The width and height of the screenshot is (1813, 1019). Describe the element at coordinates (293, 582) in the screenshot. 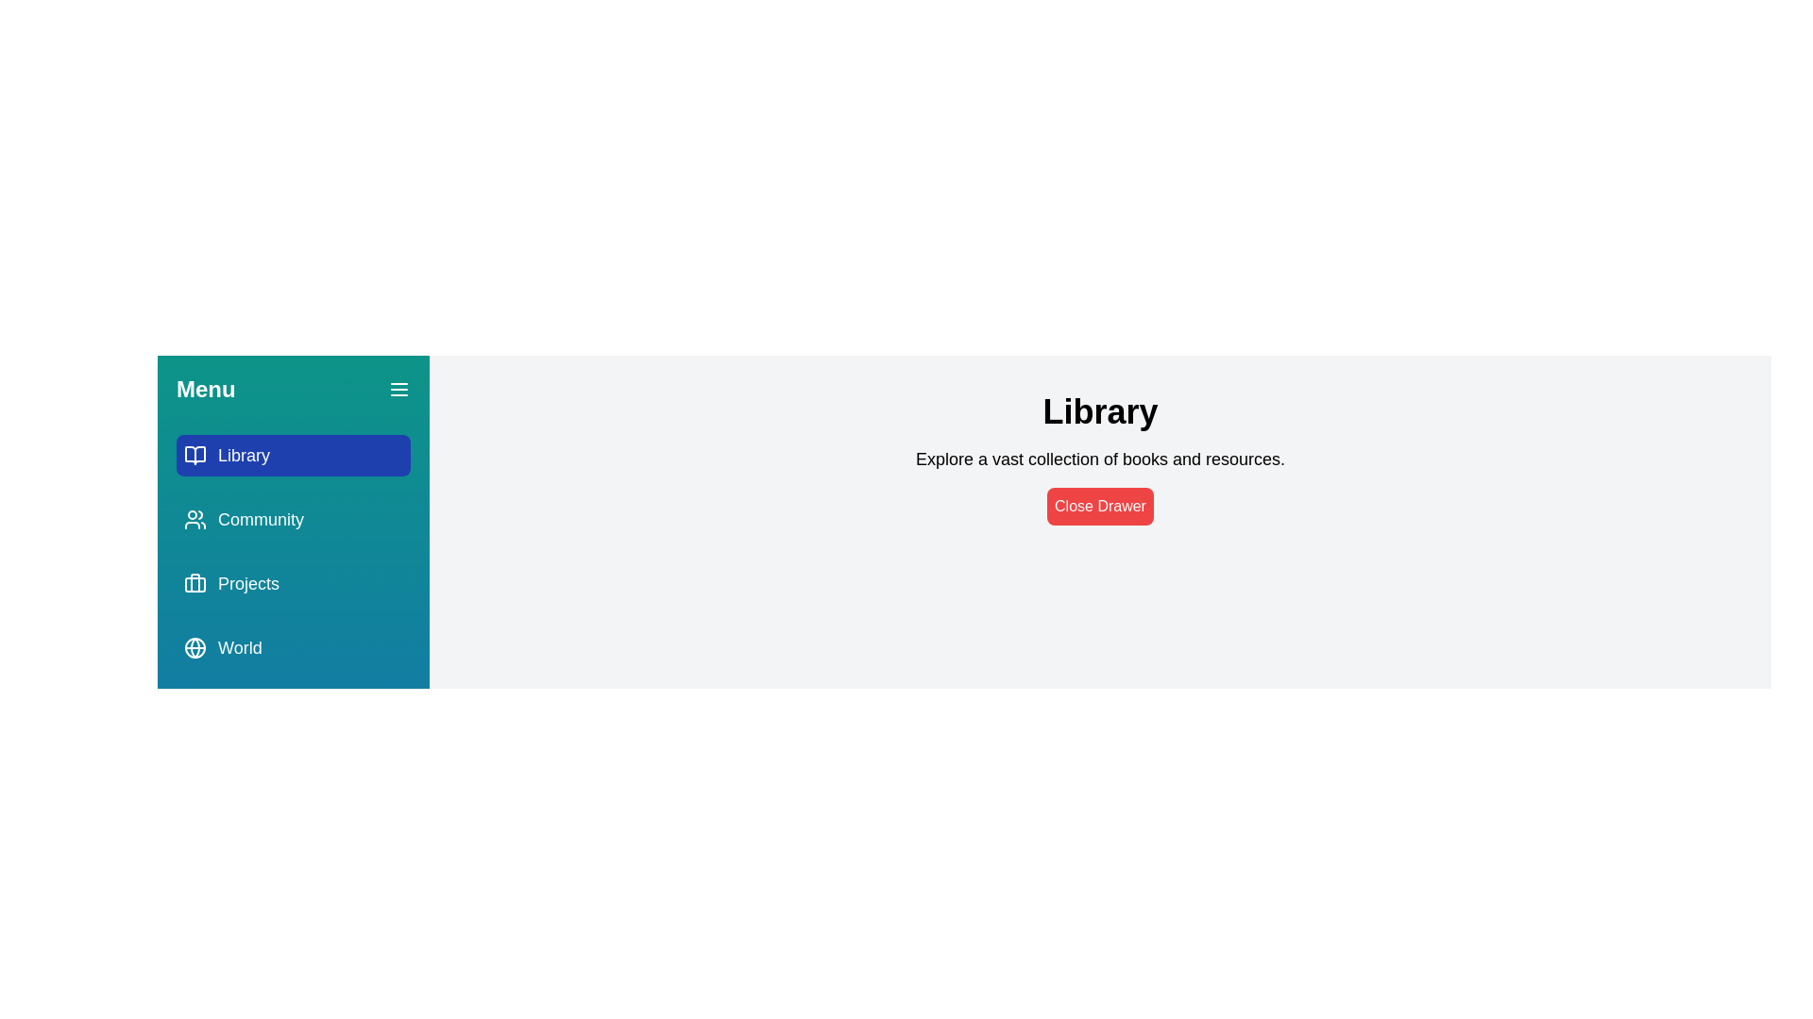

I see `the tab named Projects from the menu` at that location.